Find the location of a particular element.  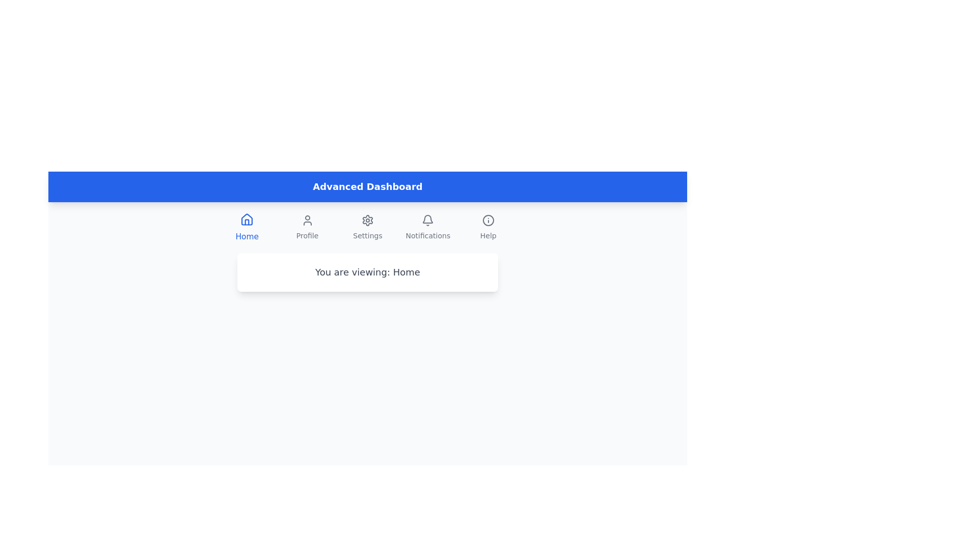

the door part of the house icon representing the 'Home' section of the navigation bar located at the top-left corner is located at coordinates (247, 222).